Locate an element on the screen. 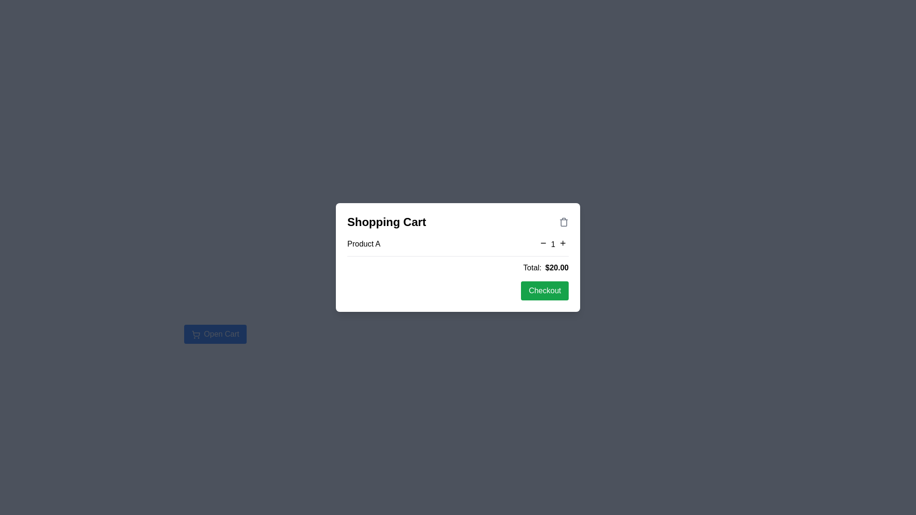 This screenshot has width=916, height=515. the minus icon, which is a small icon resembling a minus sign, to decrease the item quantity in the shopping cart numeric control interface is located at coordinates (543, 242).